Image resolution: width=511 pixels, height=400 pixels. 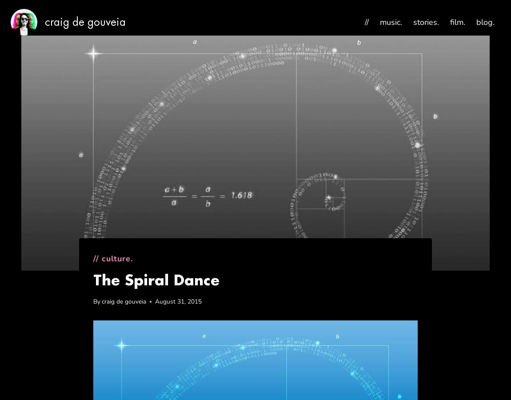 What do you see at coordinates (92, 300) in the screenshot?
I see `'By'` at bounding box center [92, 300].